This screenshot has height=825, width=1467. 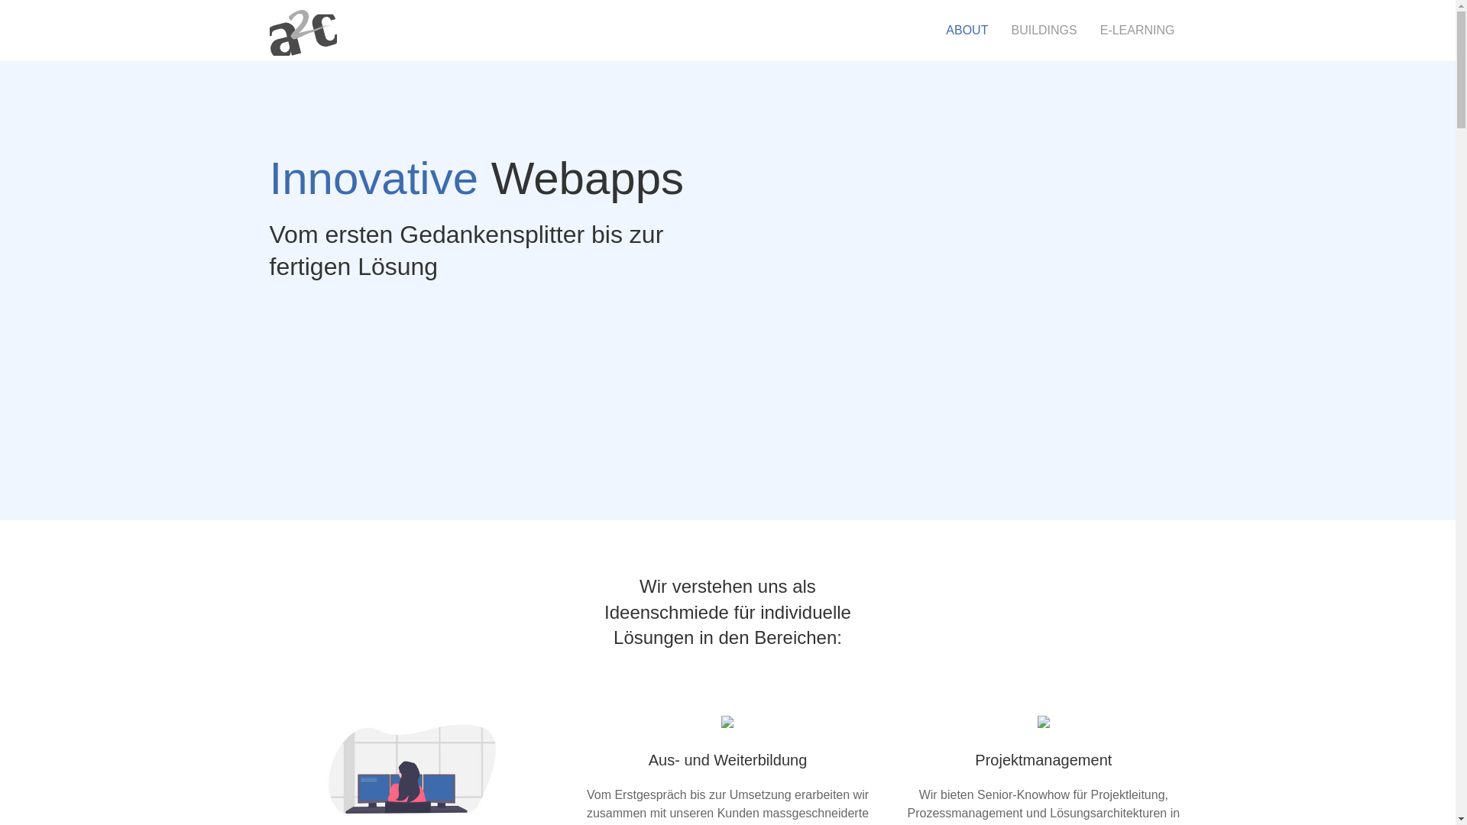 I want to click on 'ABOUT', so click(x=966, y=30).